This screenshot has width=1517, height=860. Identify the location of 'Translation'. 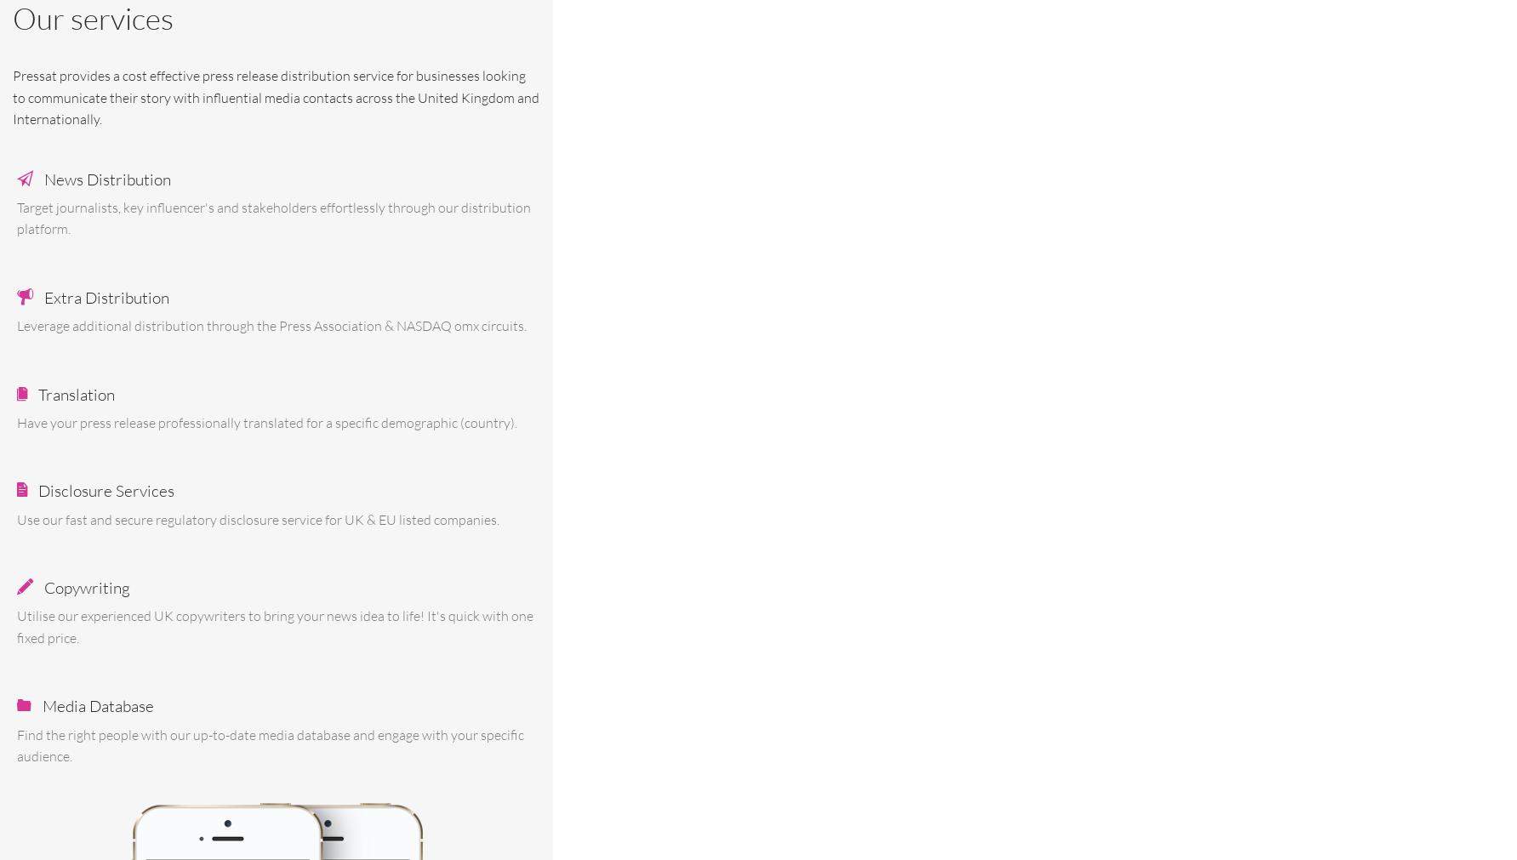
(77, 393).